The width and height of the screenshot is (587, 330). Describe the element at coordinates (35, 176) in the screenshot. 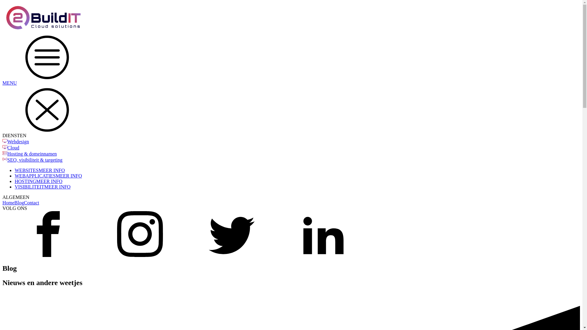

I see `'WEBAPPLICATIES'` at that location.